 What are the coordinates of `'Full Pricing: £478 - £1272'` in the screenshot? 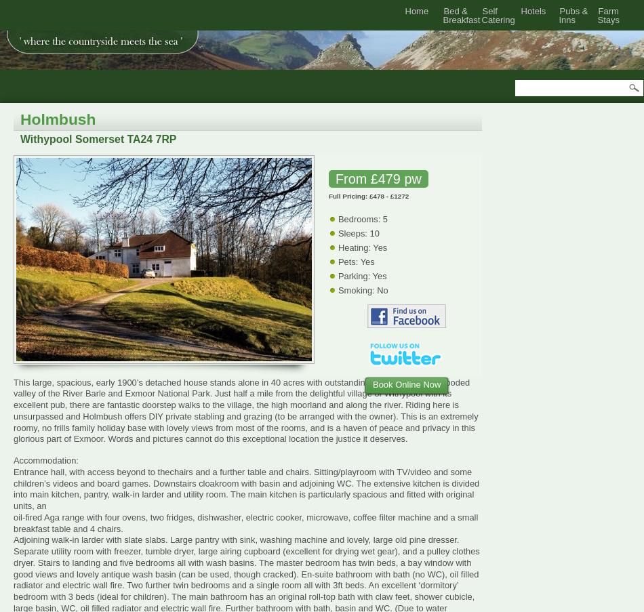 It's located at (368, 195).